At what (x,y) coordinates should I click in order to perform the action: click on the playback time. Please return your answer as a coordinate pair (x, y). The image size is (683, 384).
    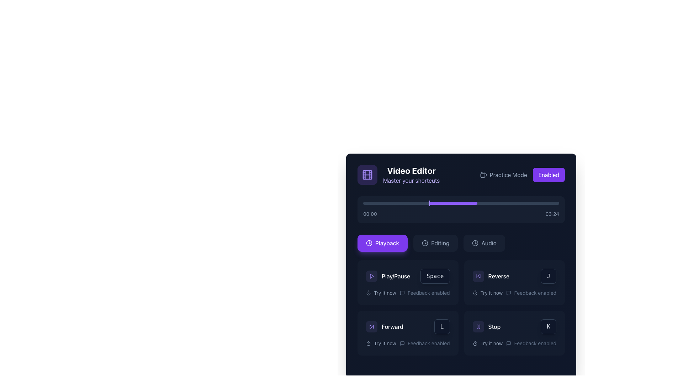
    Looking at the image, I should click on (498, 203).